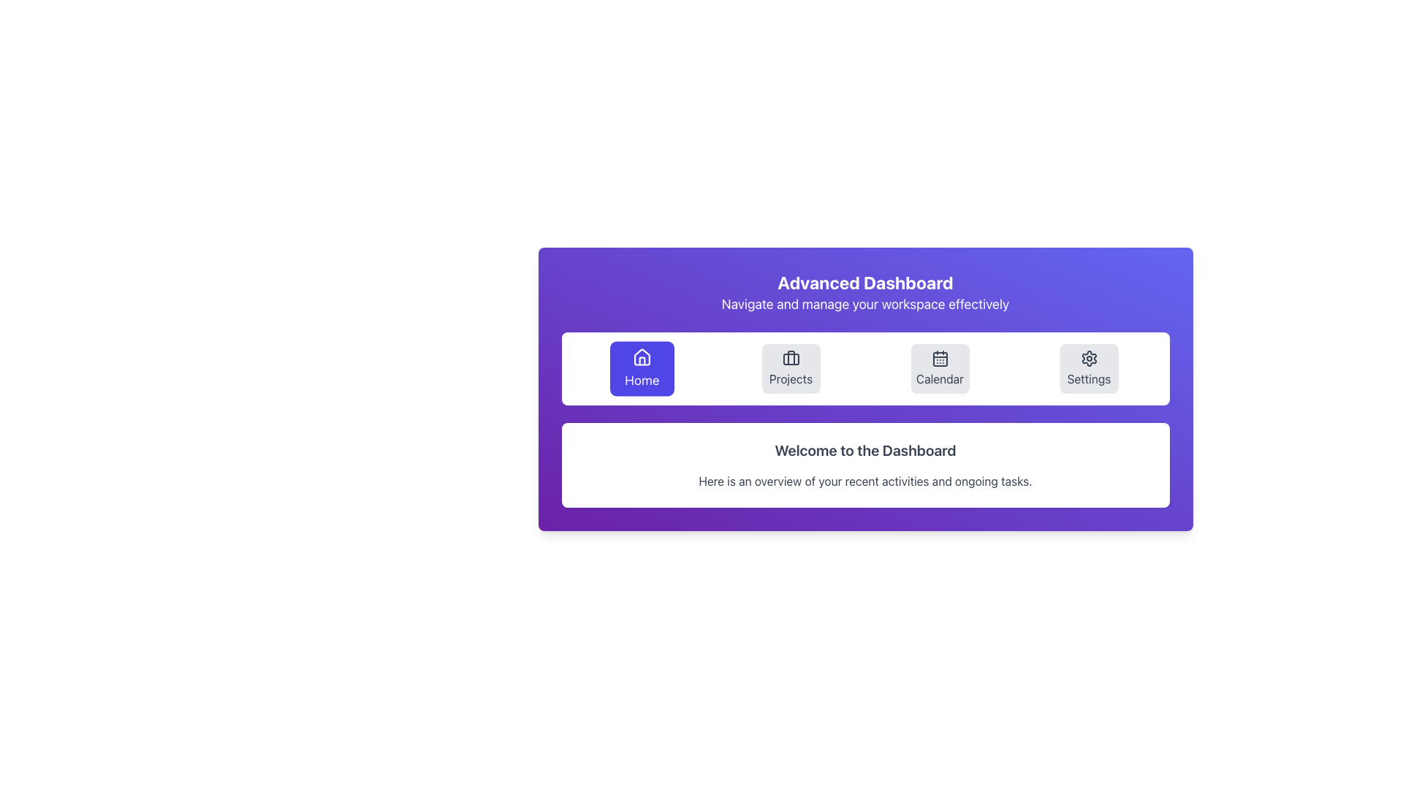 Image resolution: width=1403 pixels, height=789 pixels. Describe the element at coordinates (940, 378) in the screenshot. I see `the descriptive text label for the calendar navigation button, which is centrally located on a gray rounded button among four navigational elements` at that location.